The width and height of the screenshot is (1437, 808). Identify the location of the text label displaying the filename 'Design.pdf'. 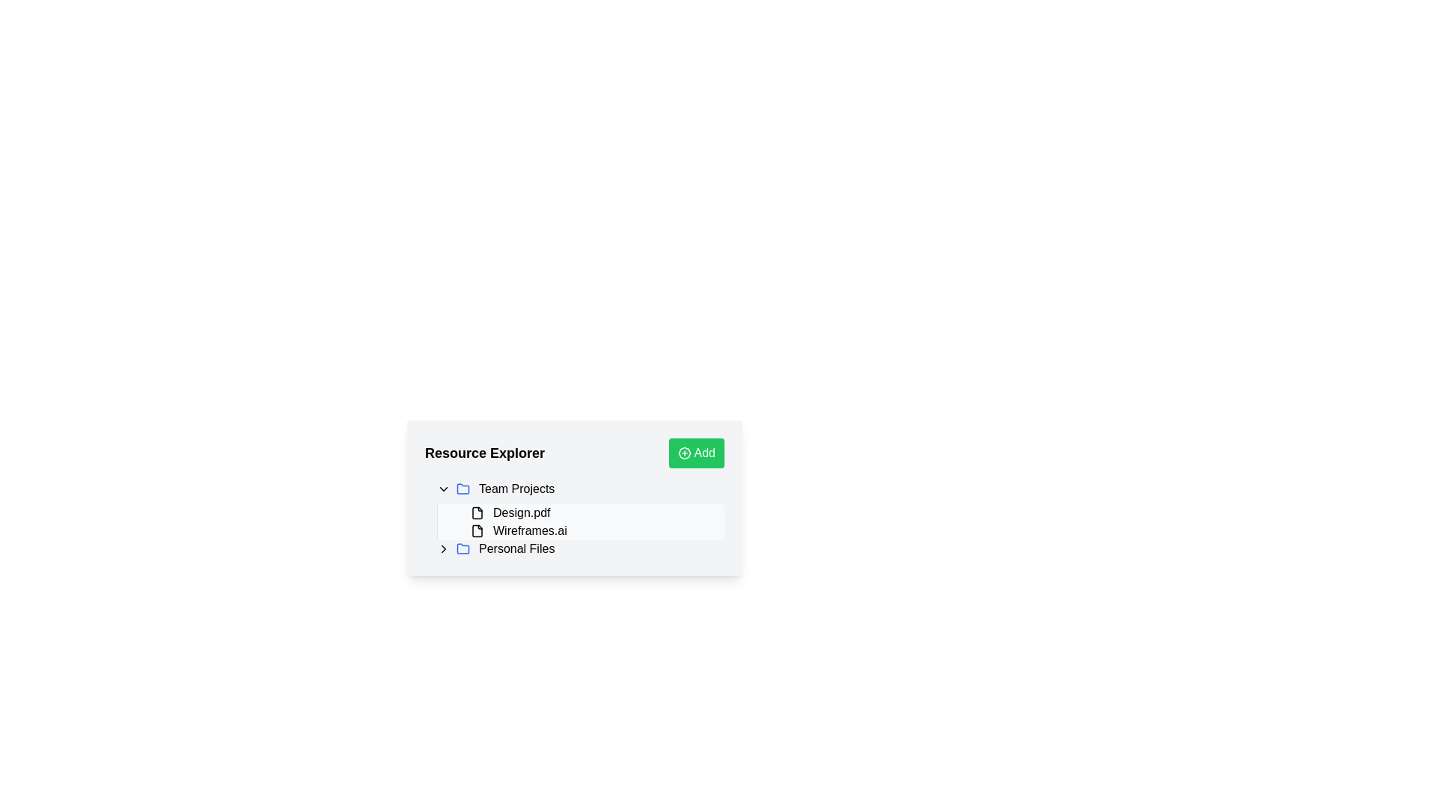
(522, 512).